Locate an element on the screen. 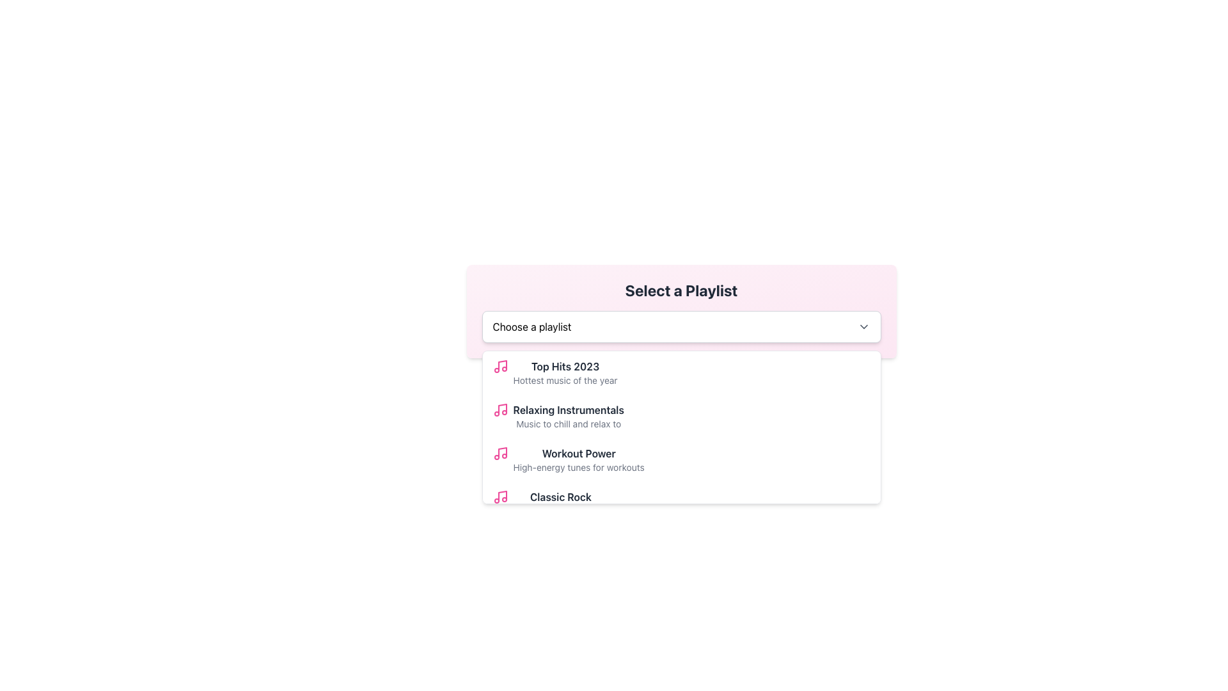 This screenshot has height=691, width=1228. the 'Top Hits 2023' text element is located at coordinates (564, 367).